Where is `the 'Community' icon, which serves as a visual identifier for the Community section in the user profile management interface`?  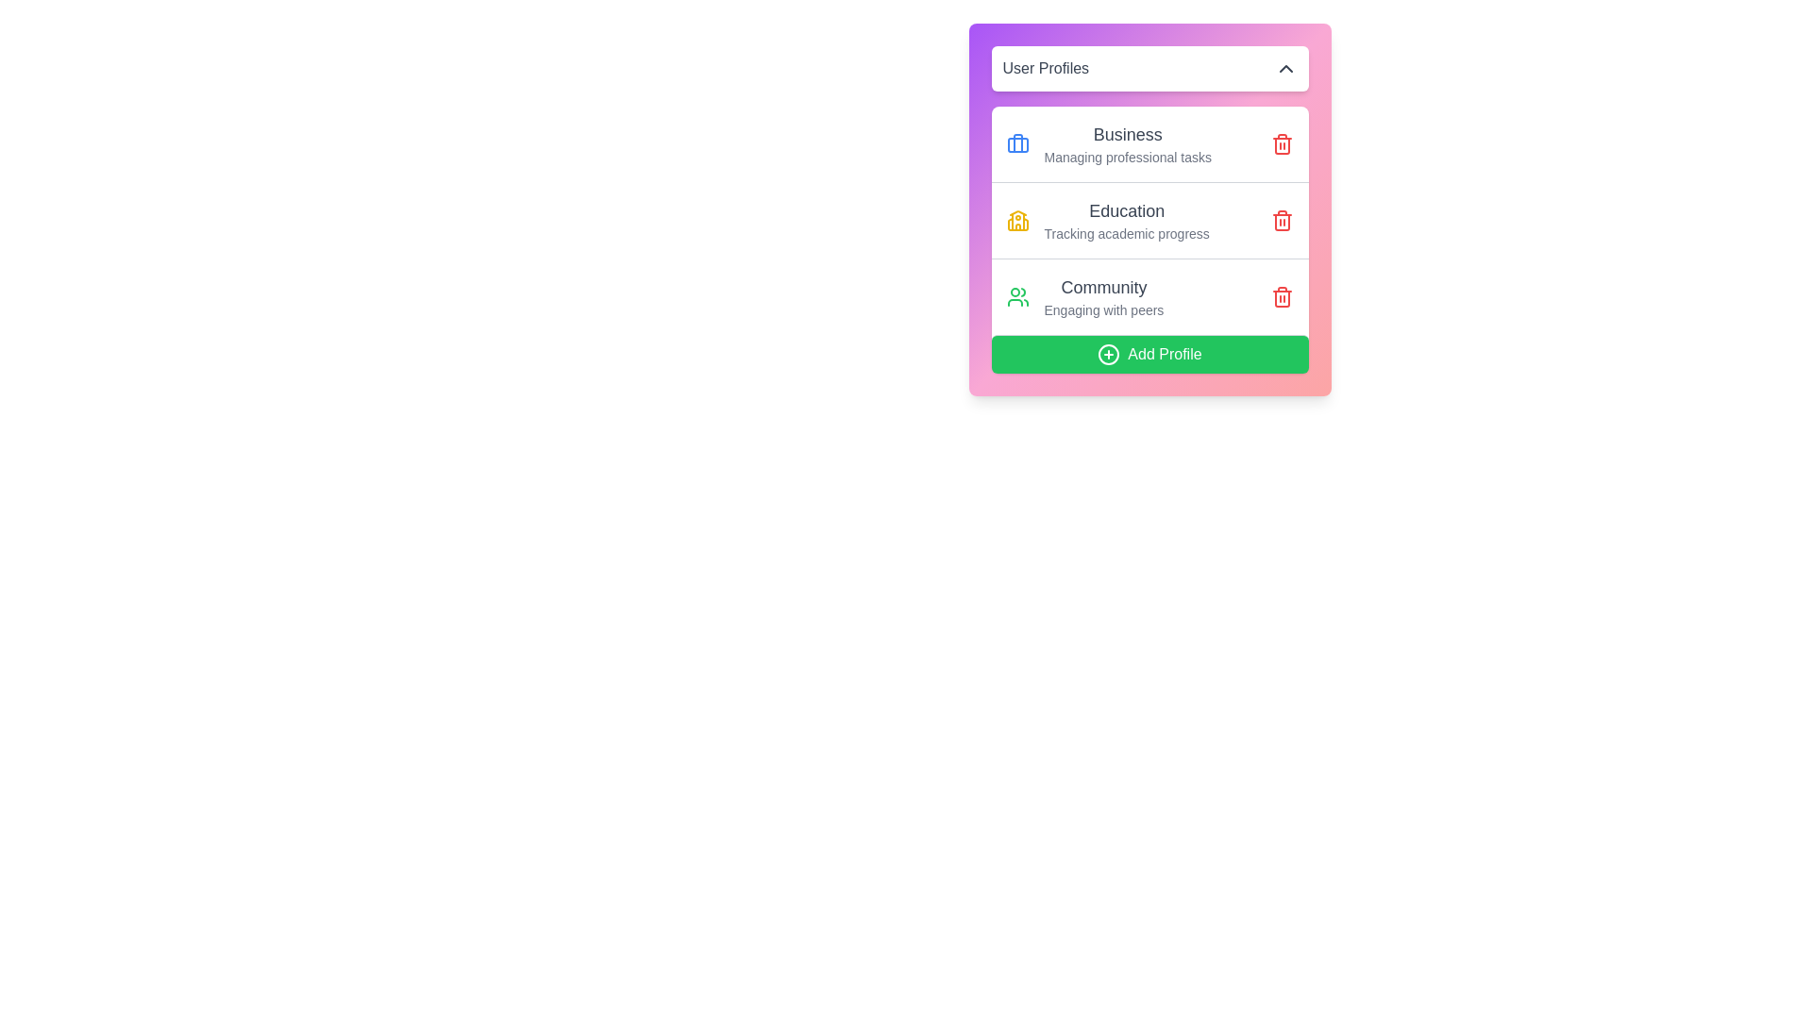 the 'Community' icon, which serves as a visual identifier for the Community section in the user profile management interface is located at coordinates (1016, 297).